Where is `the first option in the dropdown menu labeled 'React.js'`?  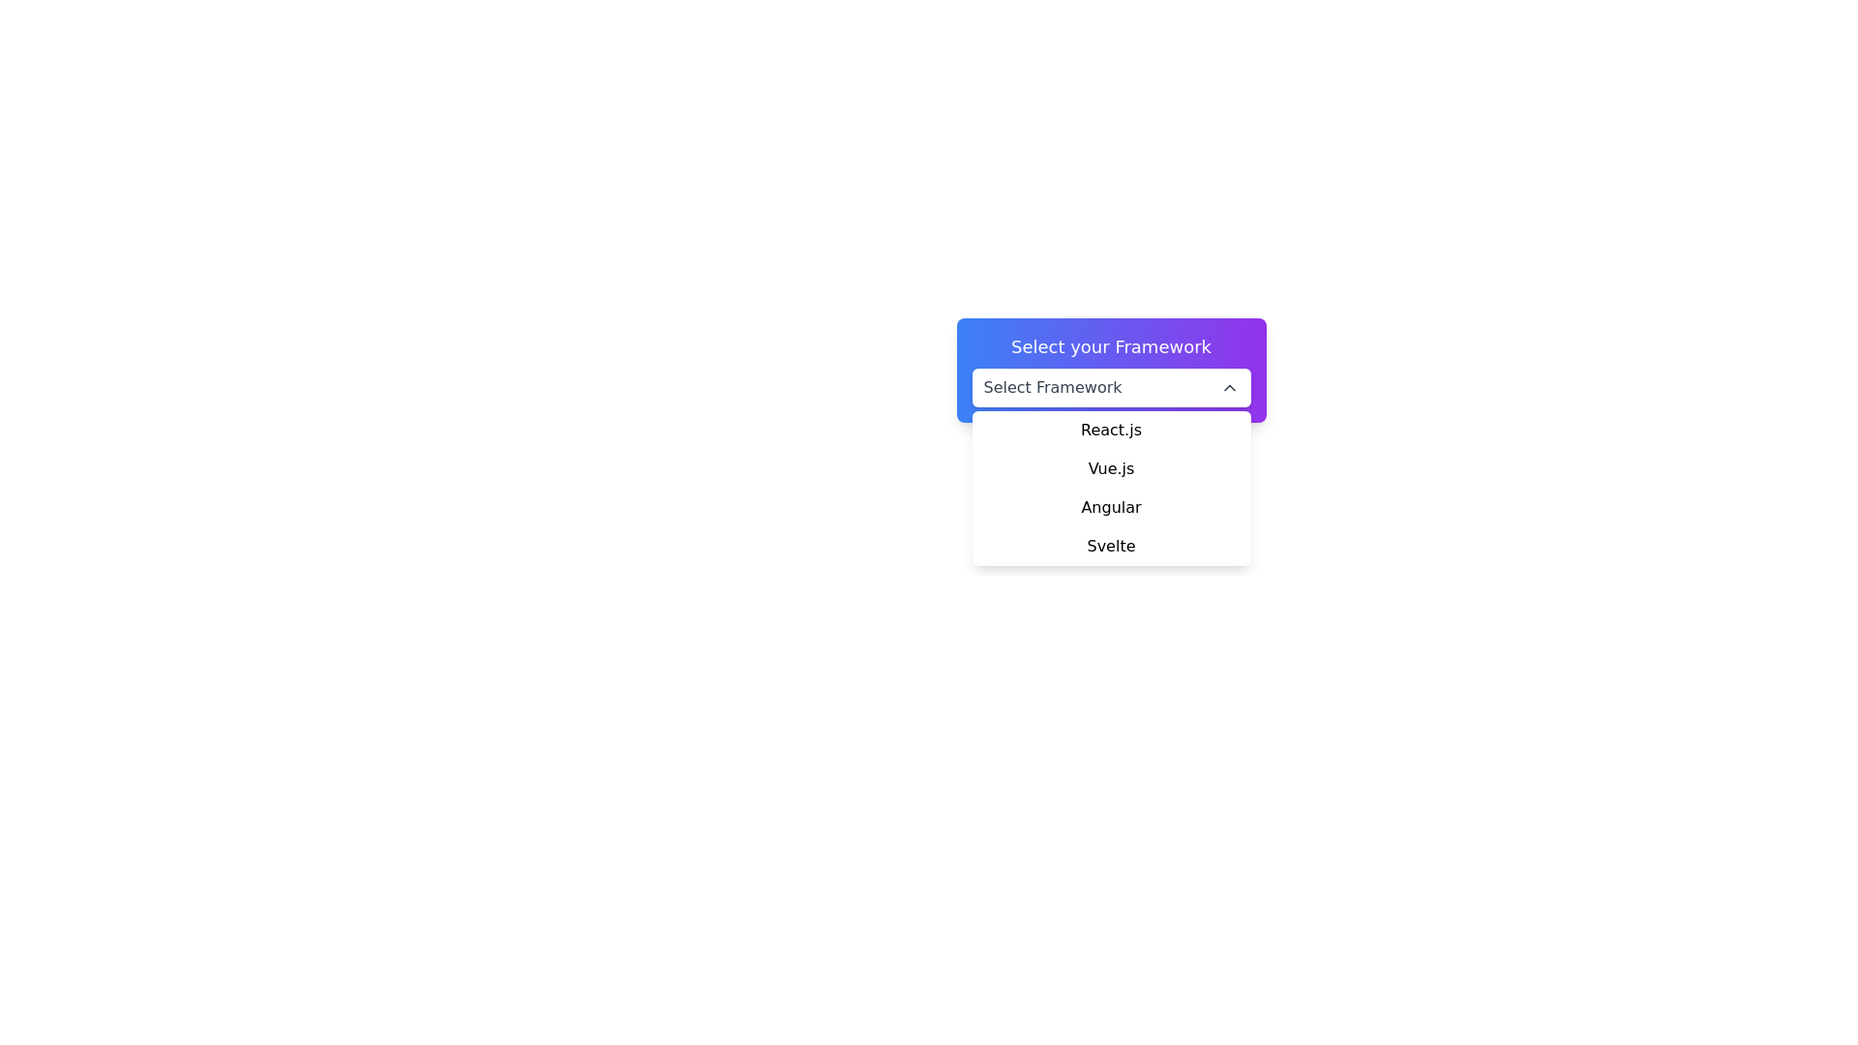 the first option in the dropdown menu labeled 'React.js' is located at coordinates (1111, 429).